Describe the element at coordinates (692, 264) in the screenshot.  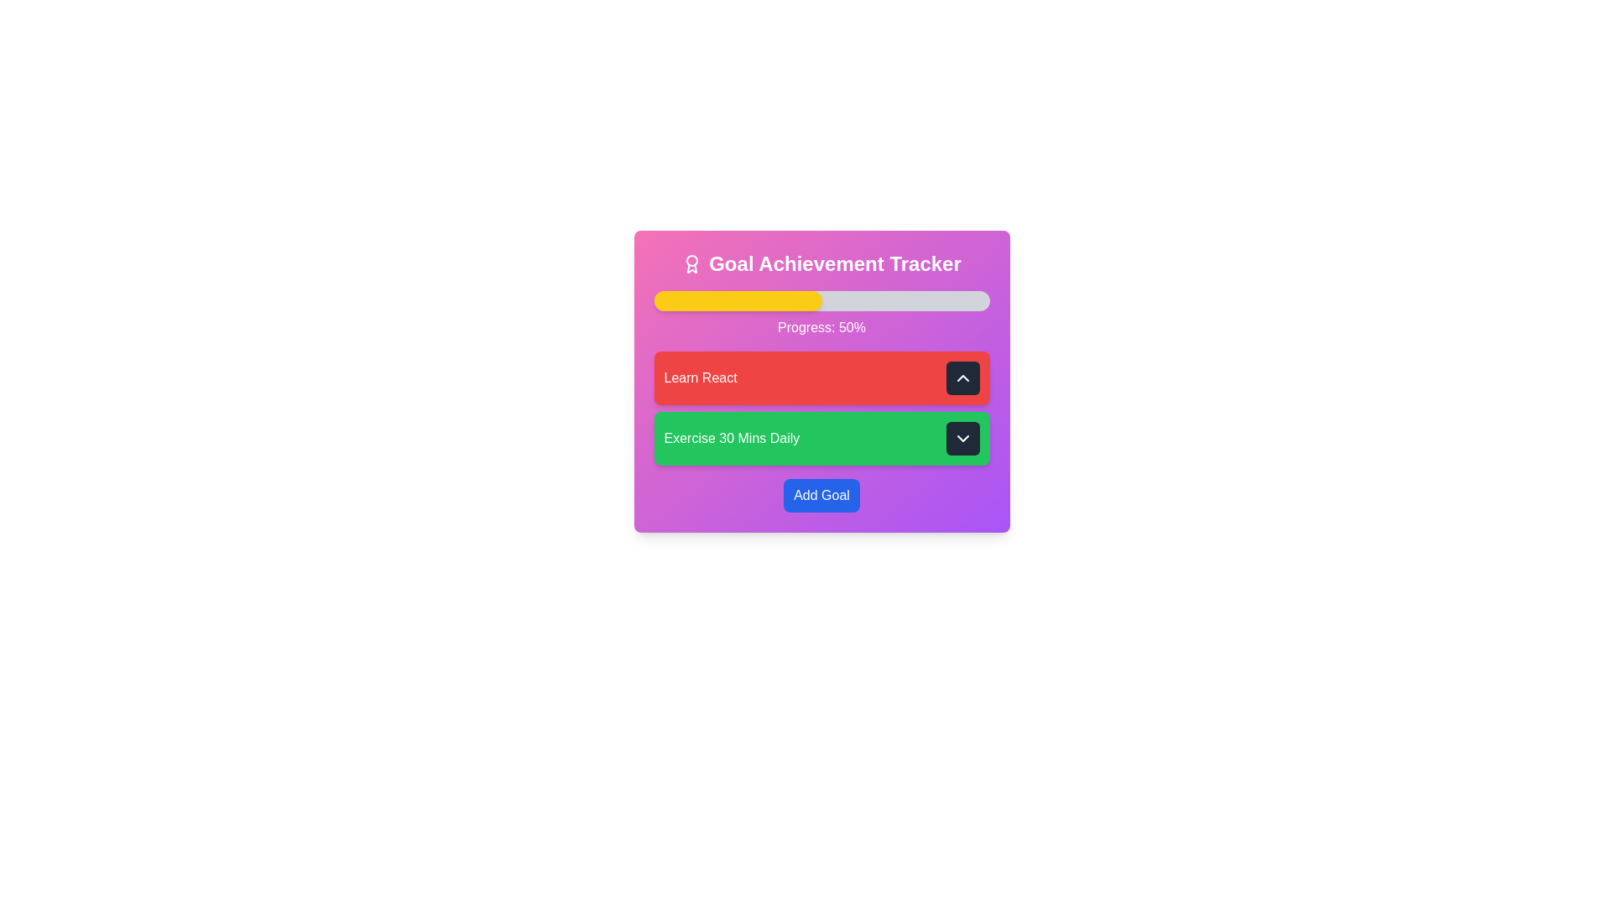
I see `the award ribbon icon located at the top-left corner of the 'Goal Achievement Tracker' card` at that location.